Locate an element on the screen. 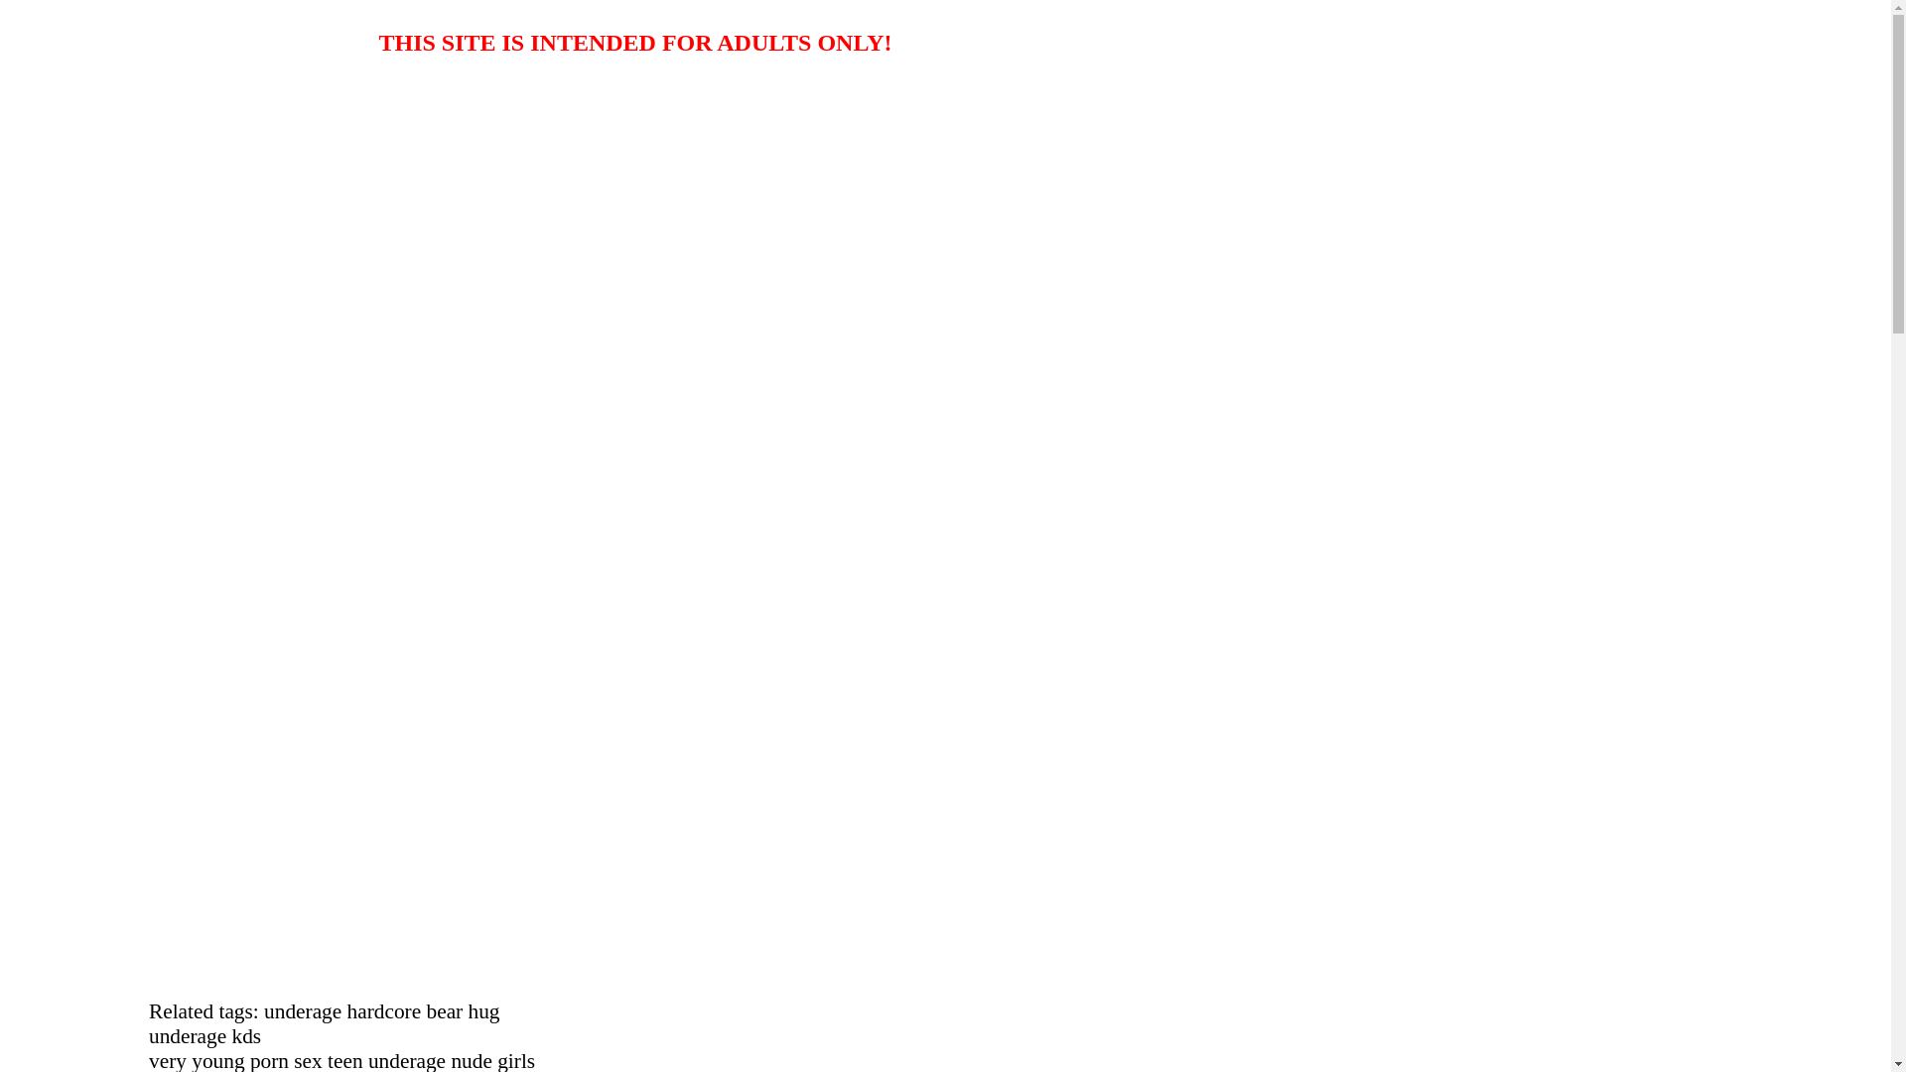  'Admin page' is located at coordinates (125, 891).